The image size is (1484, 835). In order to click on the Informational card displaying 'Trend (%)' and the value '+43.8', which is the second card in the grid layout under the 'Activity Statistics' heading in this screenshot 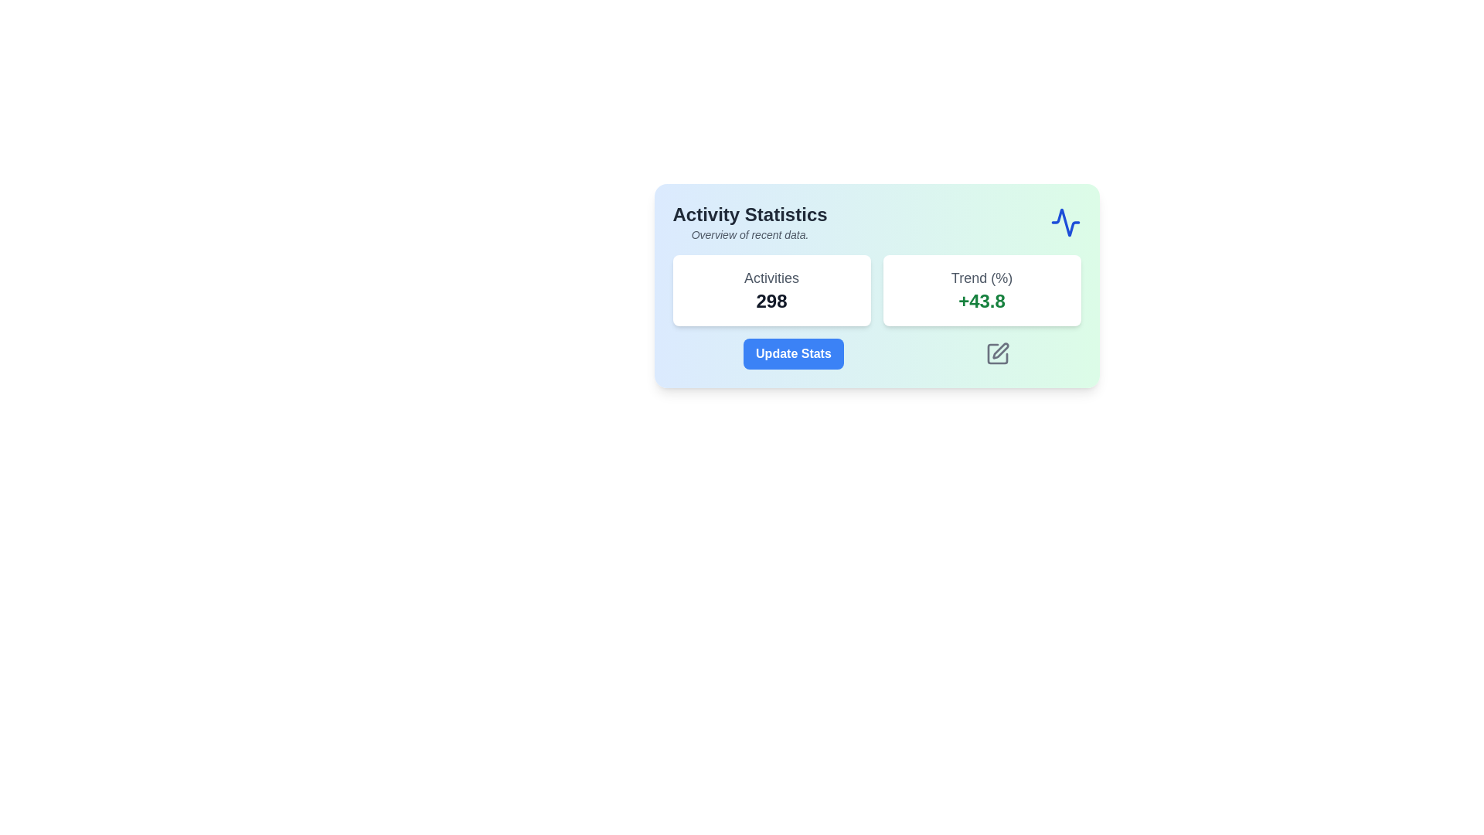, I will do `click(981, 290)`.